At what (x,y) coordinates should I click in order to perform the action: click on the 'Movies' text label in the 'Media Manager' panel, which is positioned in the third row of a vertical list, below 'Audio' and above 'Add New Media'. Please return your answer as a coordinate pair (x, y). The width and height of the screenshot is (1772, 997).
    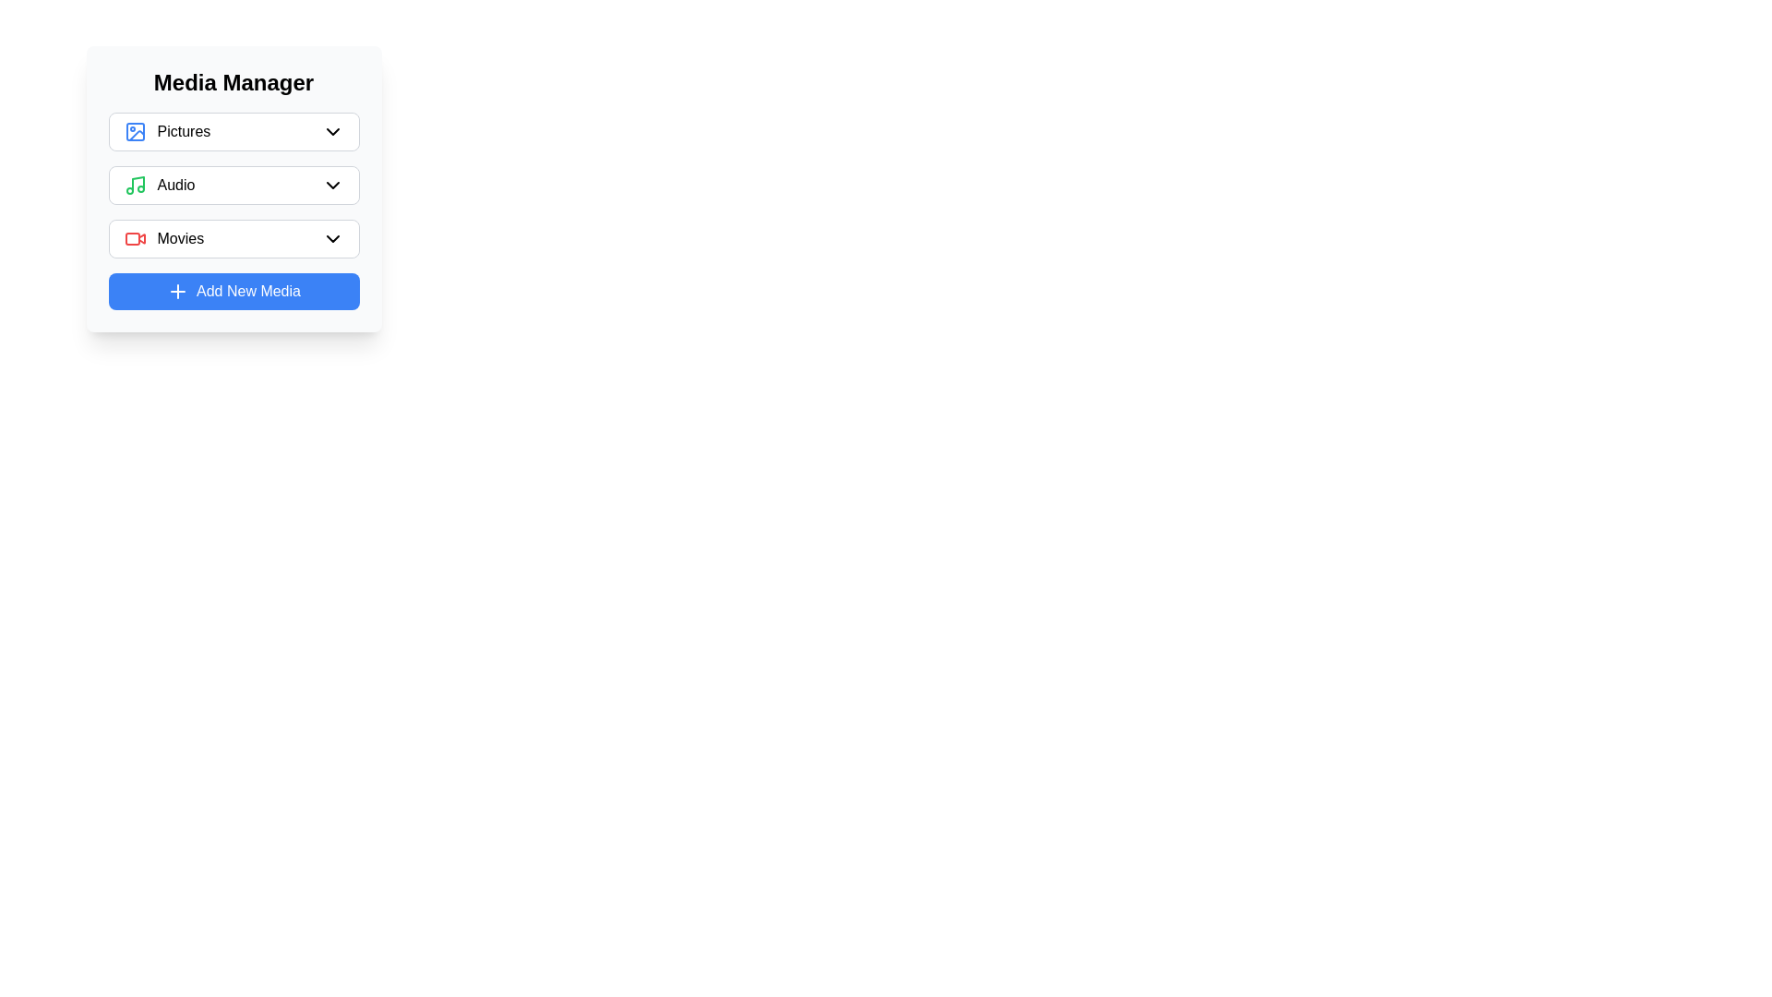
    Looking at the image, I should click on (180, 237).